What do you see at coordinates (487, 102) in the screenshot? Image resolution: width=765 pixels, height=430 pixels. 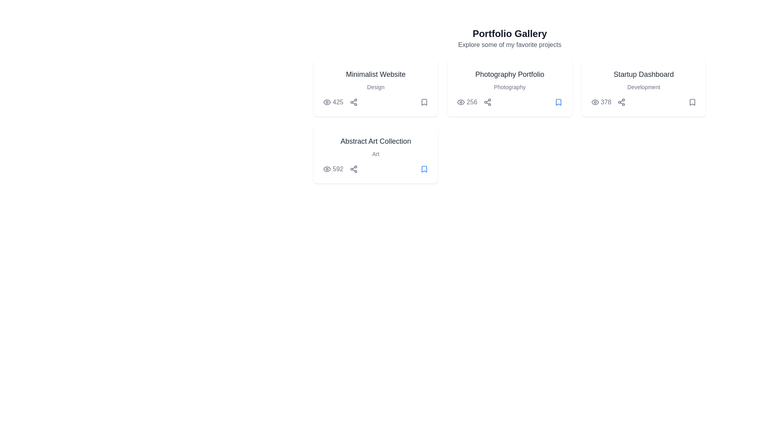 I see `the Icon Button representing interconnected points located to the right of the count number '256' in the 'Photography Portfolio' card` at bounding box center [487, 102].